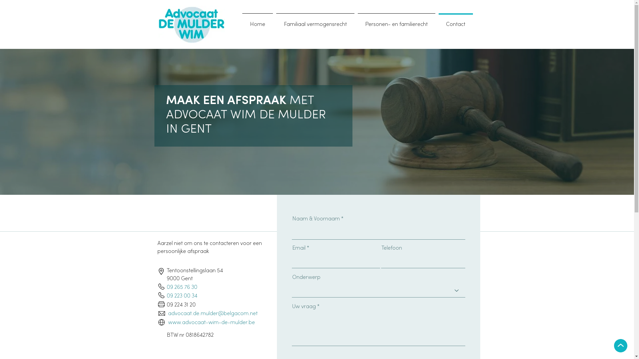 Image resolution: width=639 pixels, height=359 pixels. Describe the element at coordinates (182, 296) in the screenshot. I see `'09 223 00 34'` at that location.